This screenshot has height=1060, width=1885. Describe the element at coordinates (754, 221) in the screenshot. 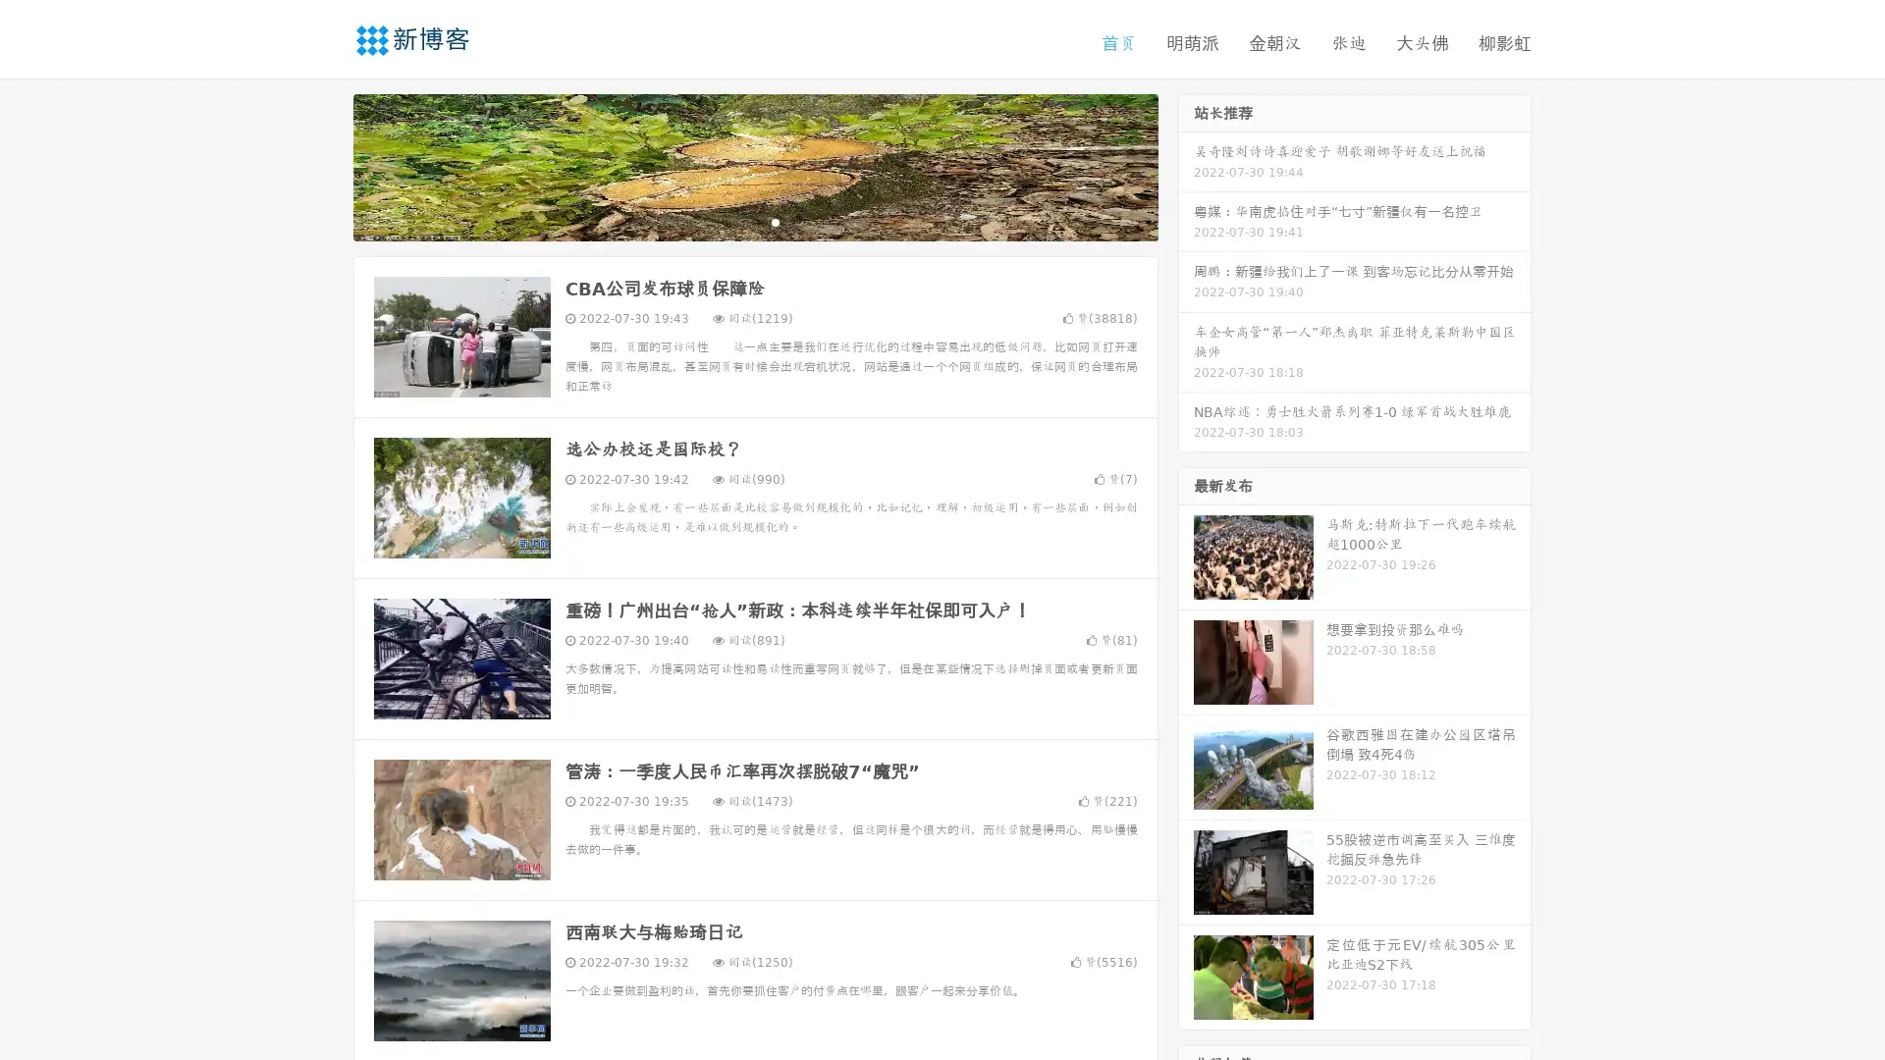

I see `Go to slide 2` at that location.